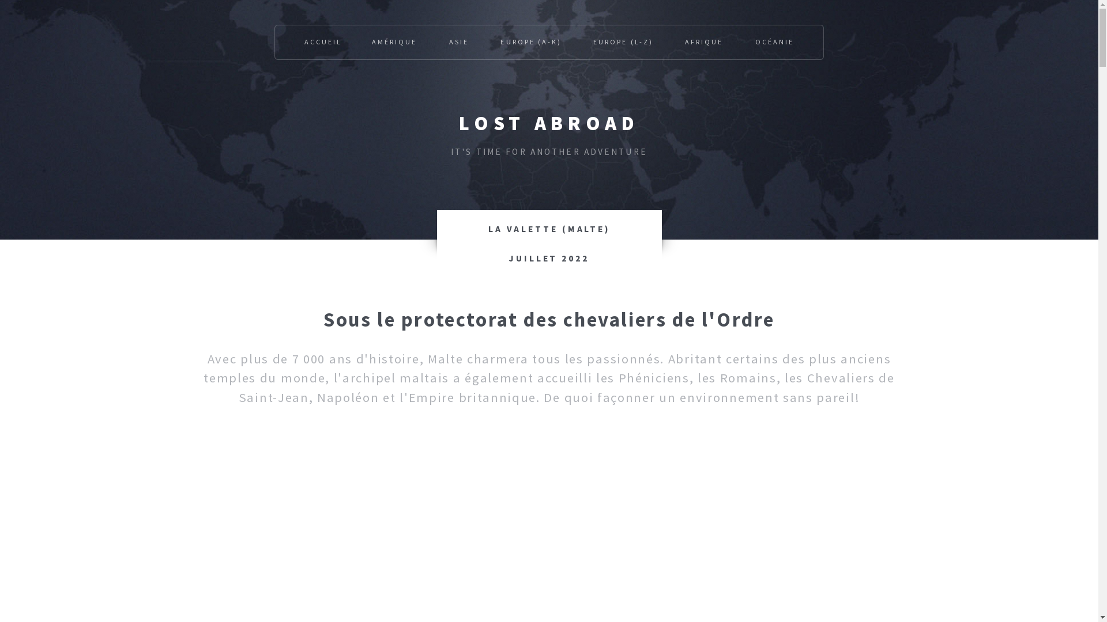 Image resolution: width=1107 pixels, height=622 pixels. What do you see at coordinates (622, 41) in the screenshot?
I see `'EUROPE (L-Z)'` at bounding box center [622, 41].